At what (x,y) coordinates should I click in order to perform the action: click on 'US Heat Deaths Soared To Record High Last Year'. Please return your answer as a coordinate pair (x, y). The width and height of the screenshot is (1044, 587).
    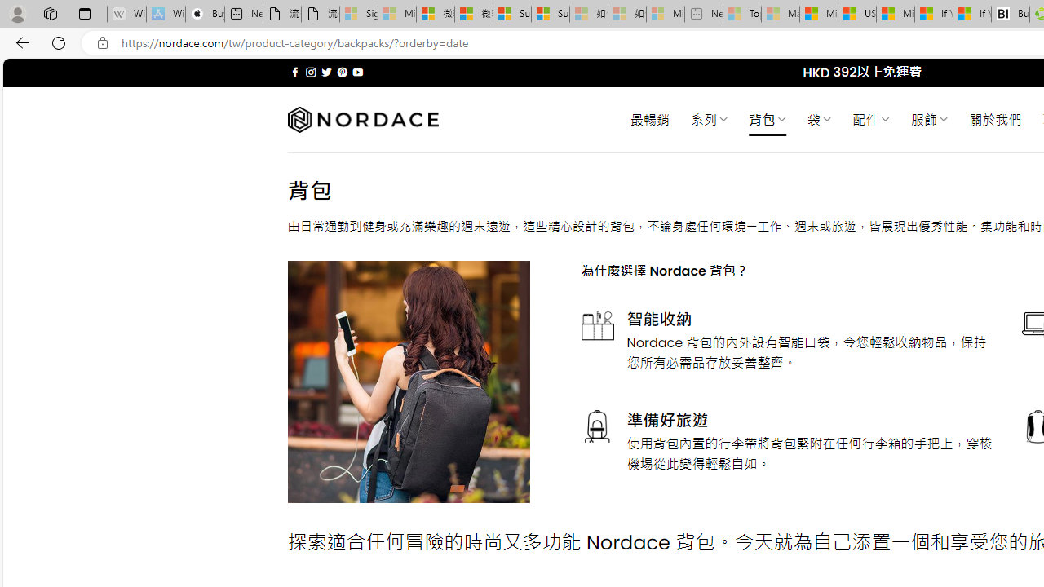
    Looking at the image, I should click on (856, 14).